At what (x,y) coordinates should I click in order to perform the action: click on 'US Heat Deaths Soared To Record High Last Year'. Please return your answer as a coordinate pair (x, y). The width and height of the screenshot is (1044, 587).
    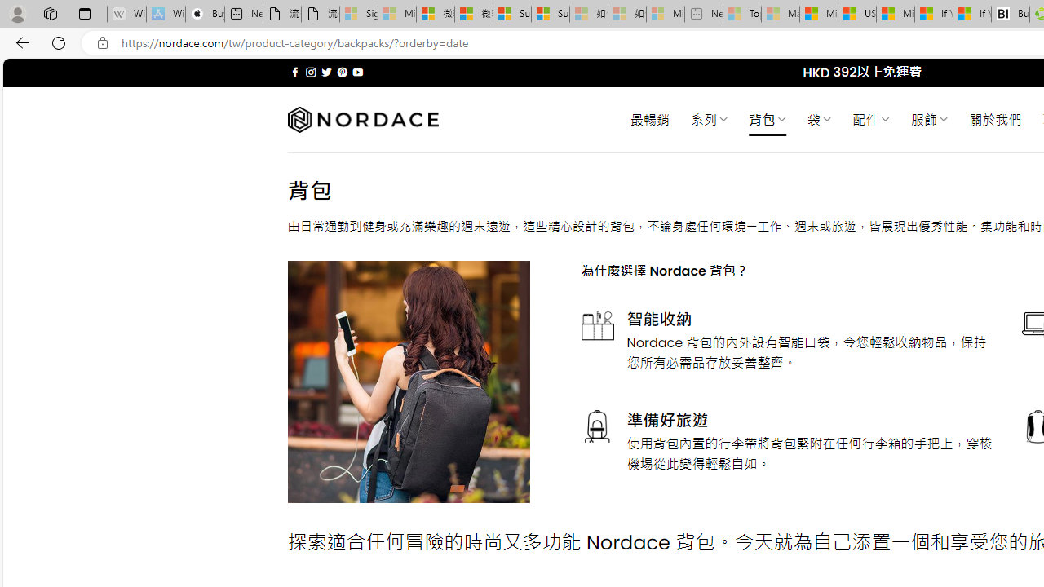
    Looking at the image, I should click on (856, 14).